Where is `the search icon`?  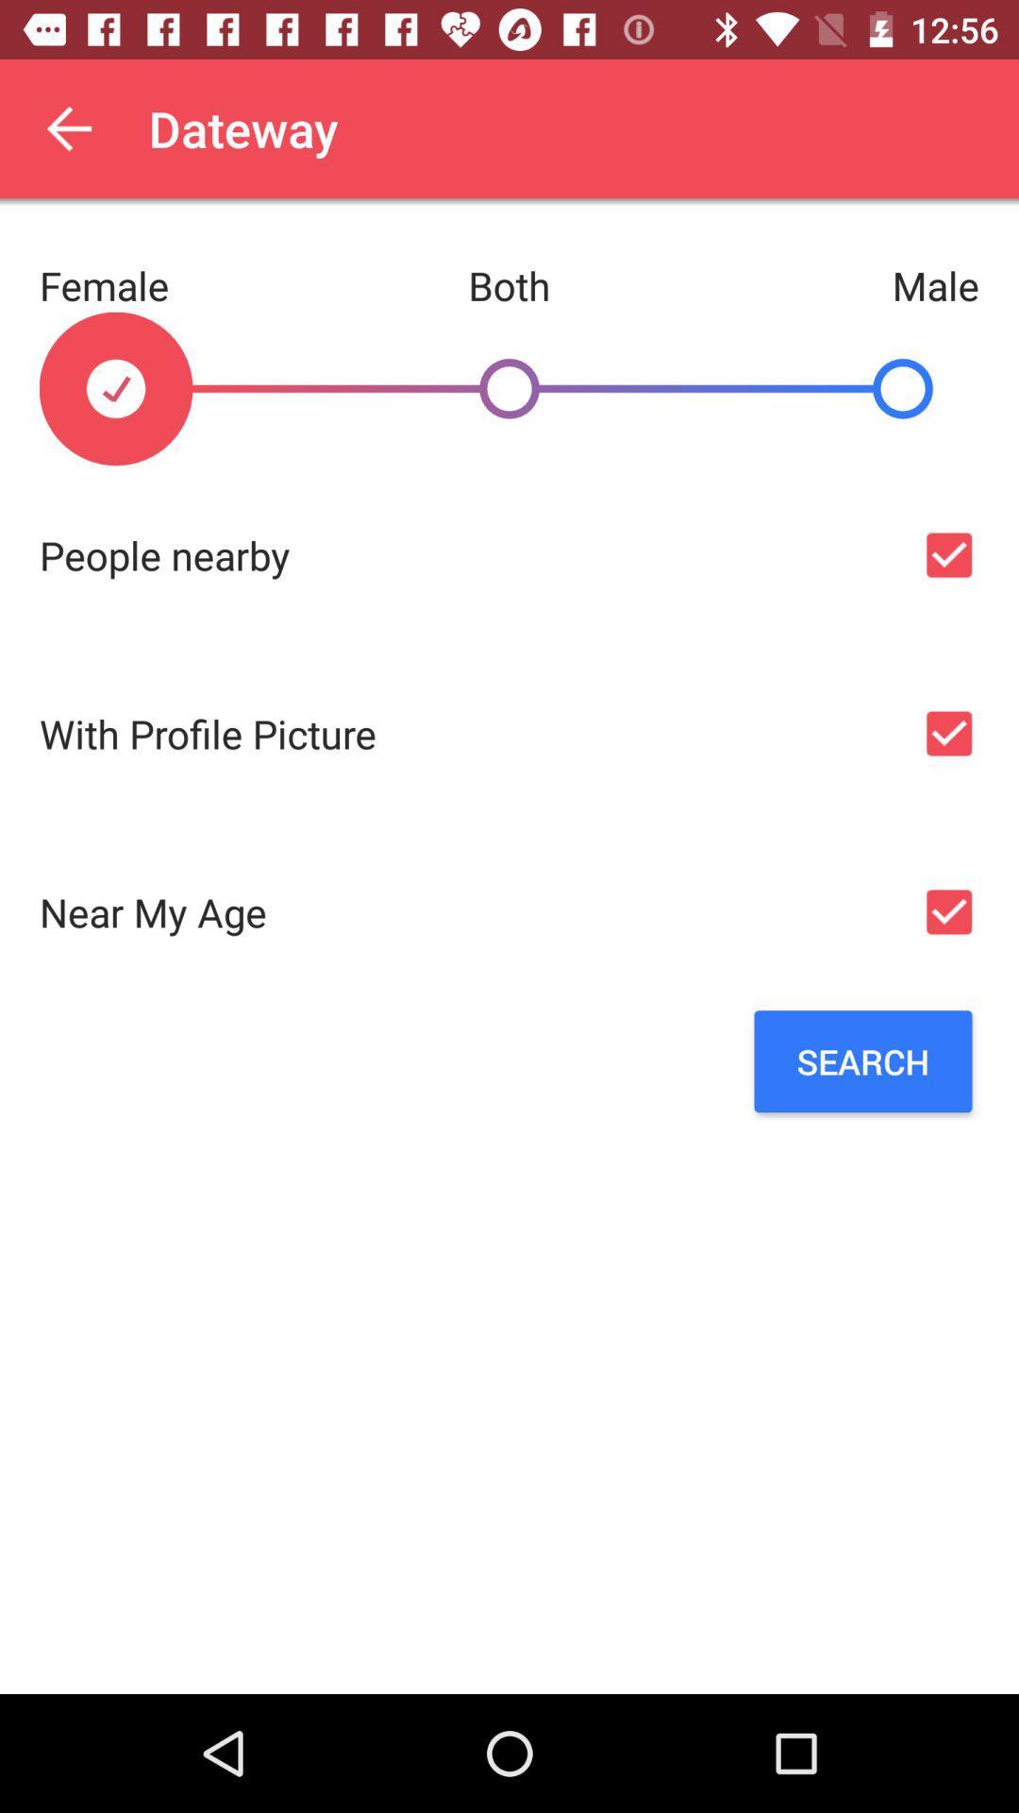 the search icon is located at coordinates (862, 1061).